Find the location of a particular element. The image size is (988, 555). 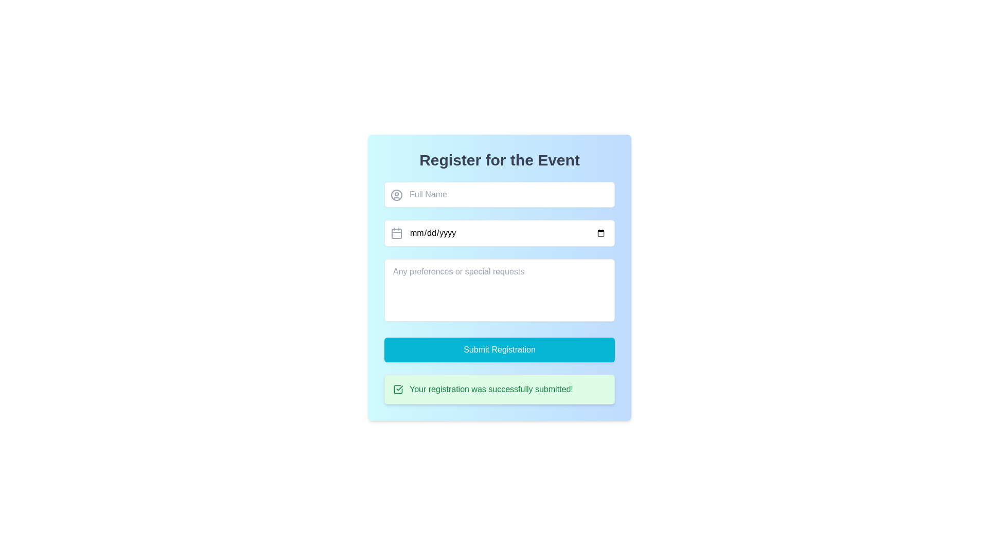

a date using the calendar dropdown in the Date Input Field located below the 'Full Name' input field is located at coordinates (499, 233).